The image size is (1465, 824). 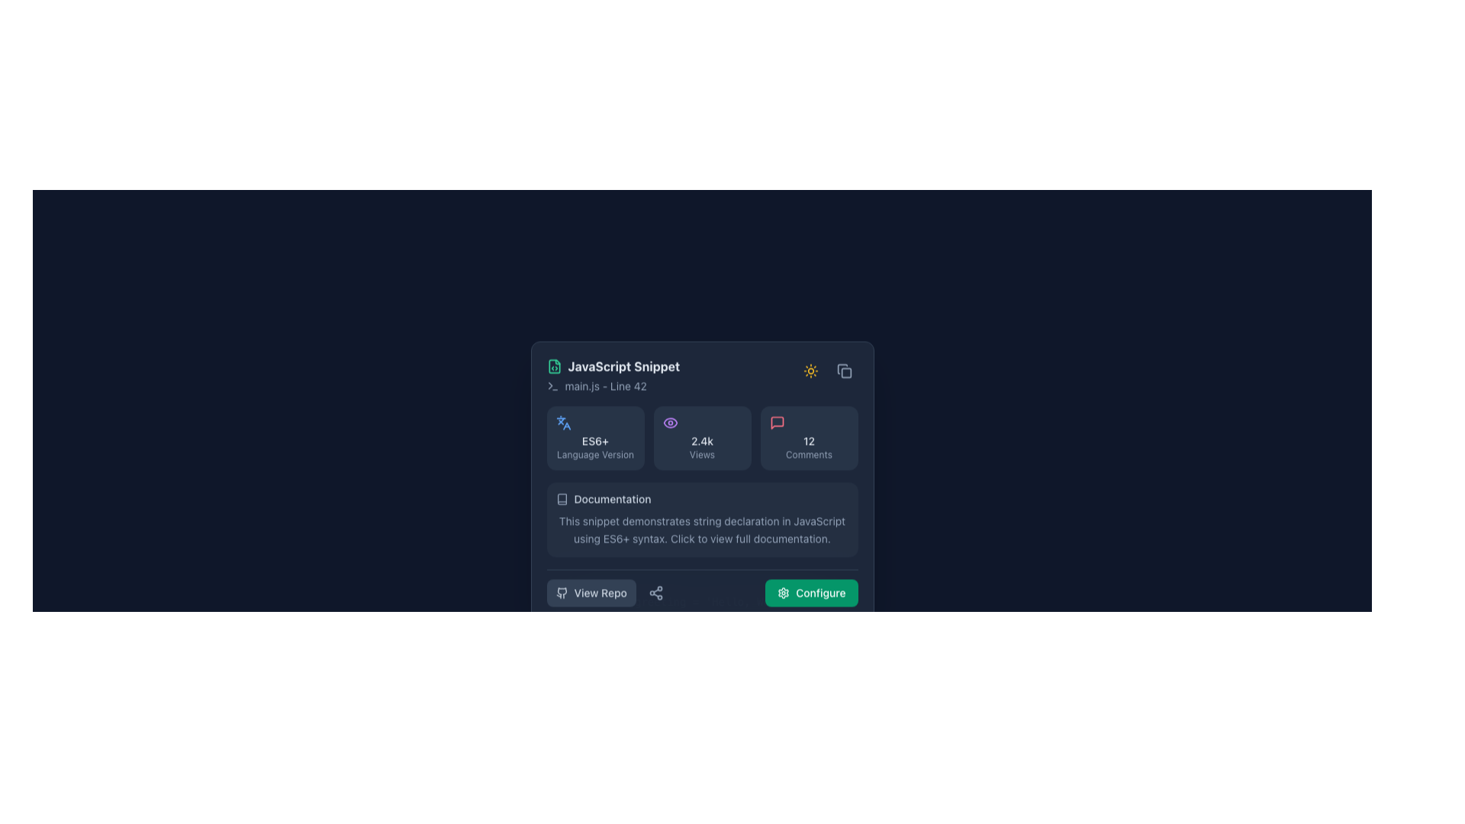 I want to click on the text label indicating the source file and line number of the code snippet located below the 'JavaScript Snippet' title, so click(x=613, y=385).